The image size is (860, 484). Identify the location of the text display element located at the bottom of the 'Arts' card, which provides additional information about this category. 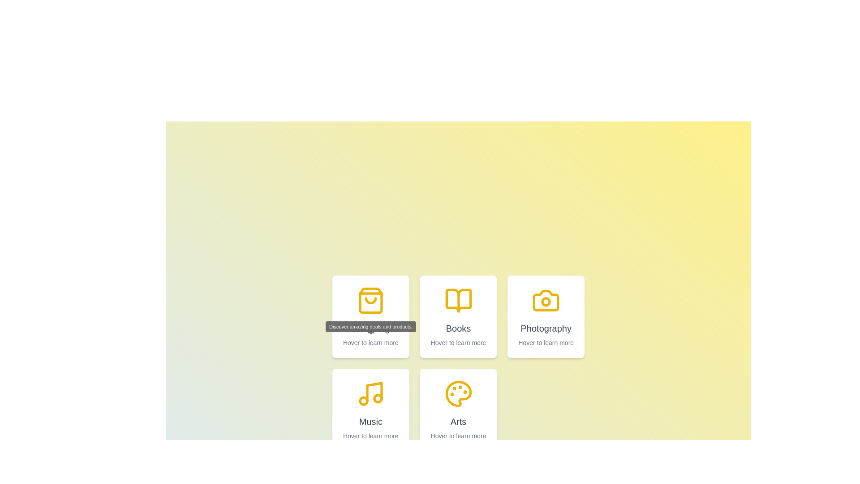
(458, 435).